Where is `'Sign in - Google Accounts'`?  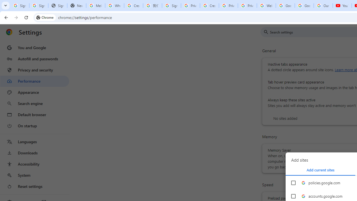
'Sign in - Google Accounts' is located at coordinates (20, 6).